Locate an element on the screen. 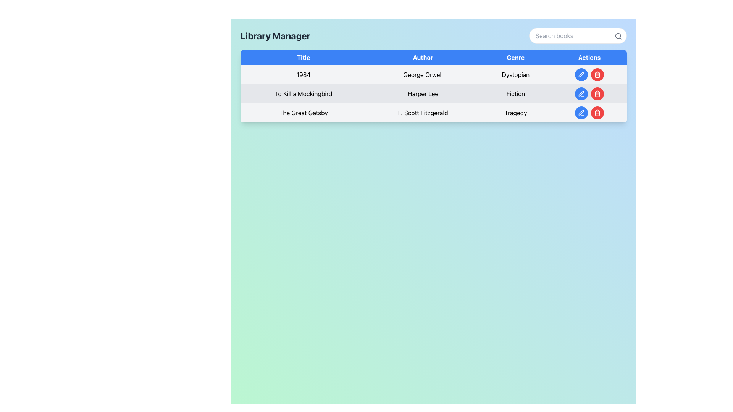 The image size is (733, 412). the circular red delete button with a white trash can icon, located in the 'Actions' column of the 'Library Manager' table is located at coordinates (597, 75).